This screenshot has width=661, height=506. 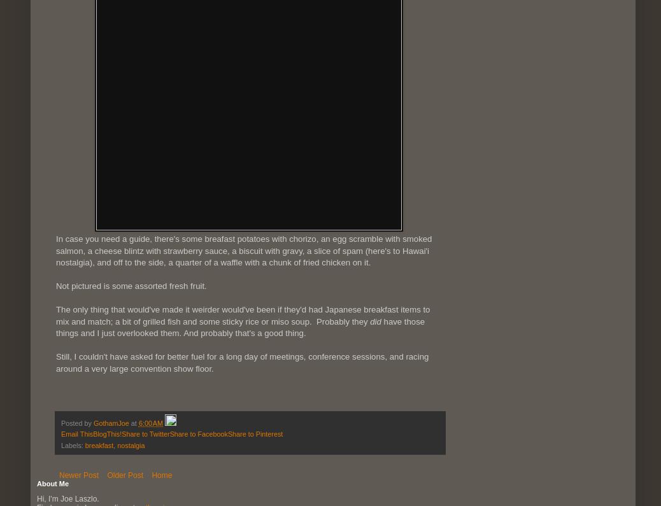 I want to click on 'Share to Twitter', so click(x=145, y=433).